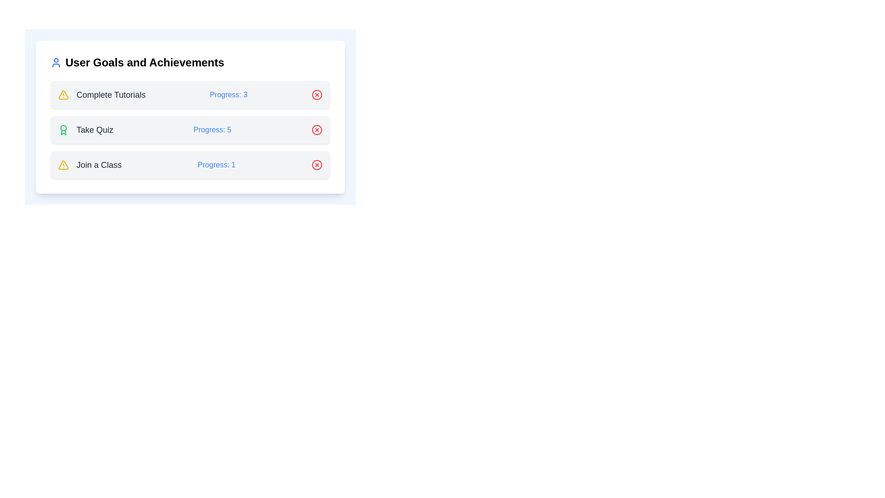 This screenshot has width=885, height=498. I want to click on the decorative graphical circle element in the 'User Goals and Achievements' interface, located at the far right of the third control section, if it is interactive, so click(317, 130).